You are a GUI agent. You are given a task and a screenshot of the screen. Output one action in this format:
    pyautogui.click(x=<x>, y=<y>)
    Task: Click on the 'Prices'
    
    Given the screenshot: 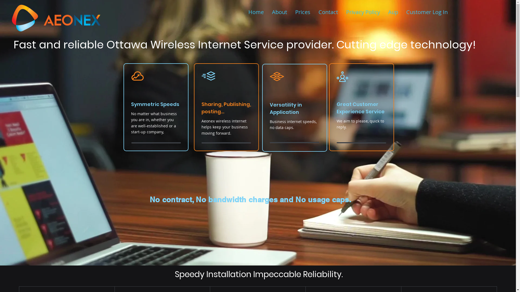 What is the action you would take?
    pyautogui.click(x=303, y=12)
    